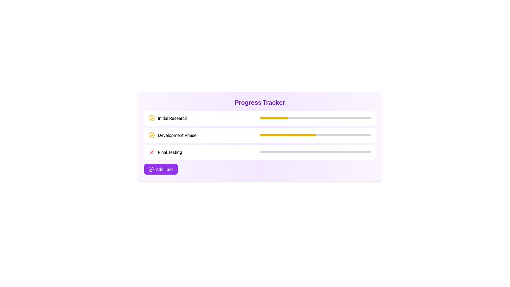  Describe the element at coordinates (165, 152) in the screenshot. I see `the 'Final Testing' task label with the red 'X' icon` at that location.